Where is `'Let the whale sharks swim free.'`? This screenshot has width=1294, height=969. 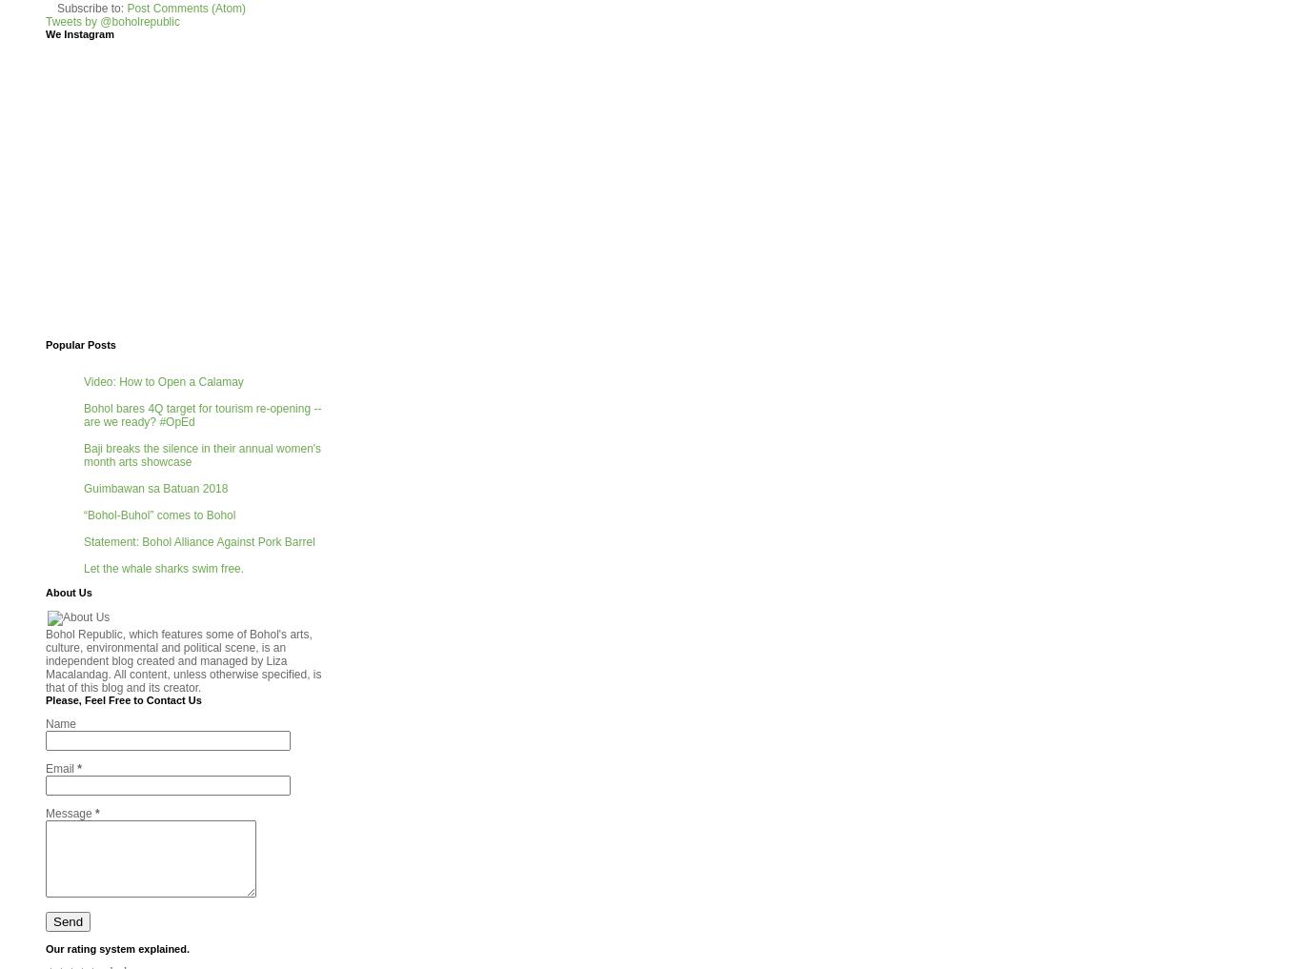
'Let the whale sharks swim free.' is located at coordinates (83, 567).